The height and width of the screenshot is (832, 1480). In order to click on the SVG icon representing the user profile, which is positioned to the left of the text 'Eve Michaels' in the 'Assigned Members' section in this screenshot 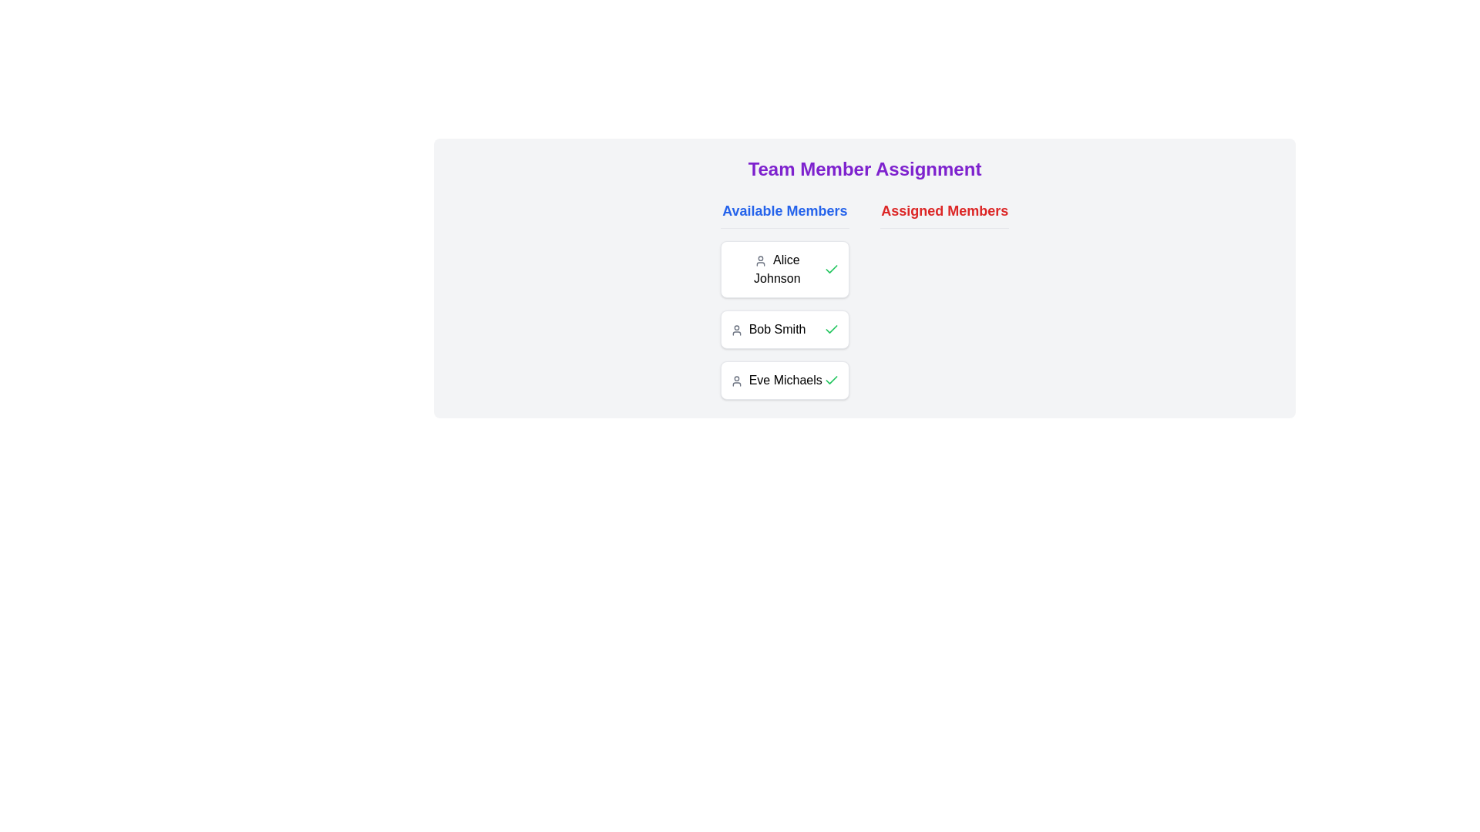, I will do `click(735, 381)`.